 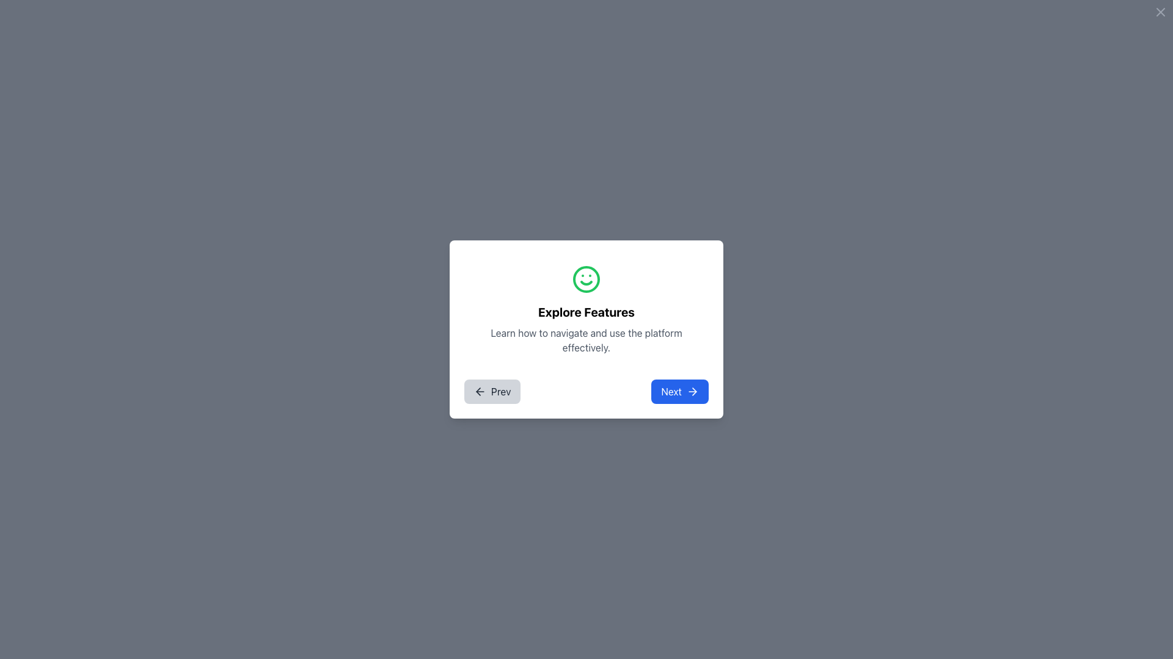 I want to click on the close button located at the top-right corner of the modal dialog to trigger a color change, so click(x=1160, y=12).